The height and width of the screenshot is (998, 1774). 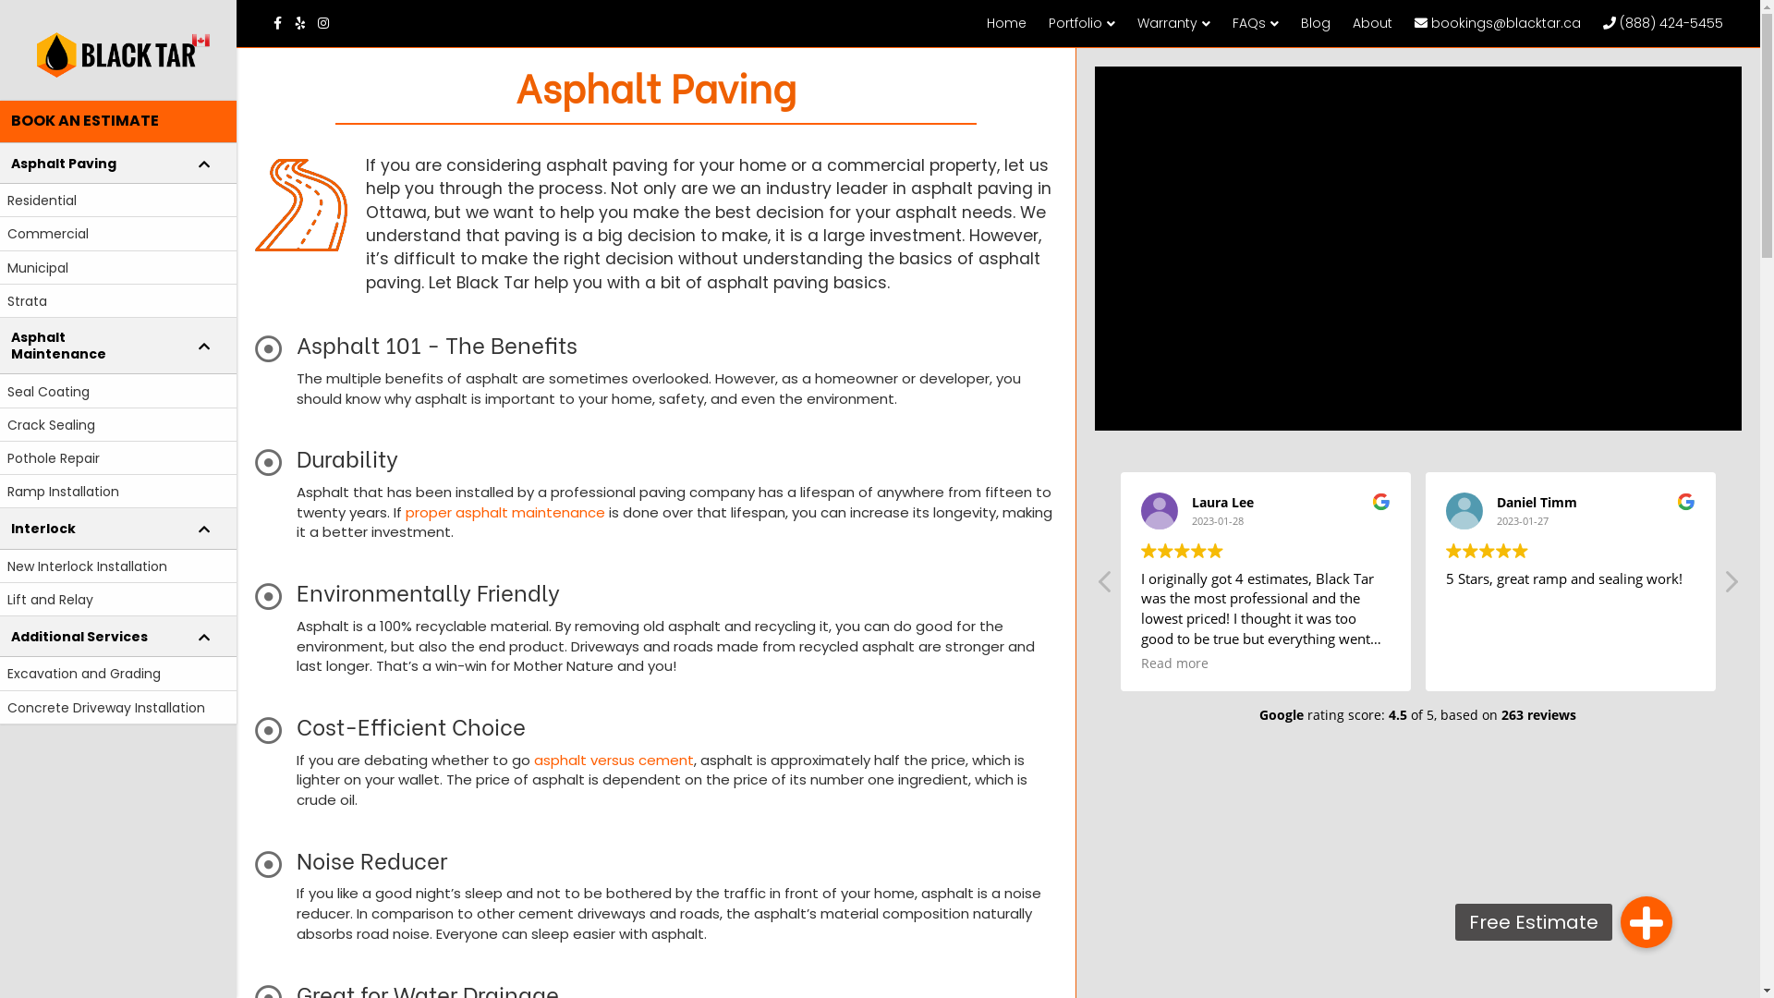 I want to click on 'Seal Coating', so click(x=117, y=390).